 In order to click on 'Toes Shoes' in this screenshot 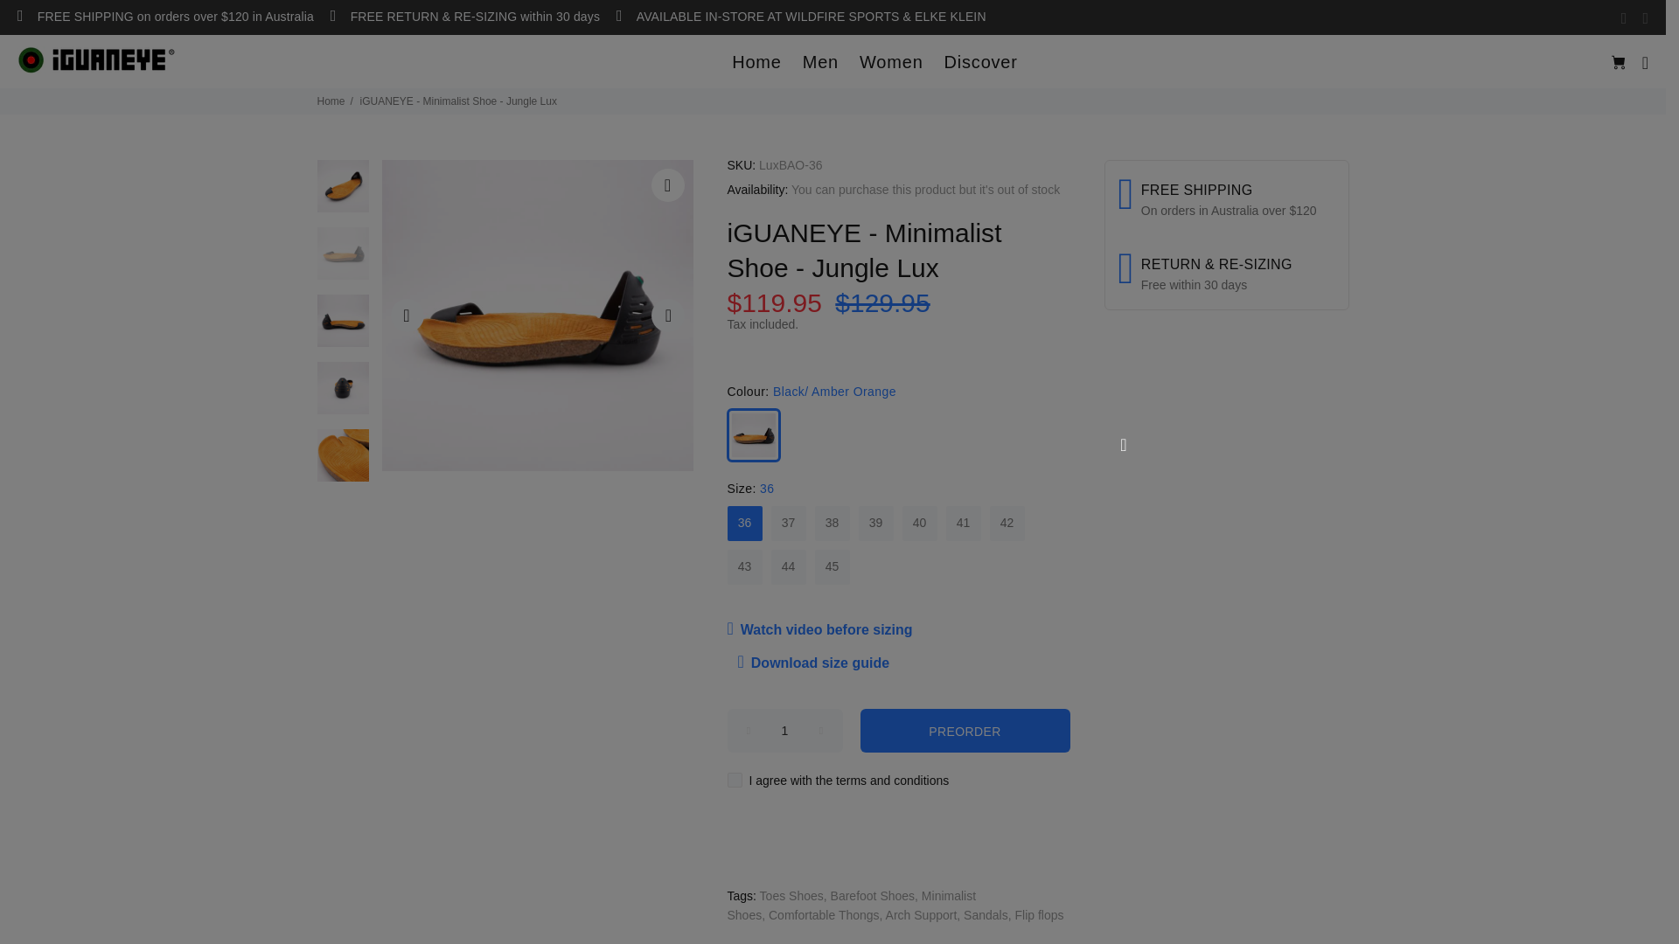, I will do `click(791, 896)`.